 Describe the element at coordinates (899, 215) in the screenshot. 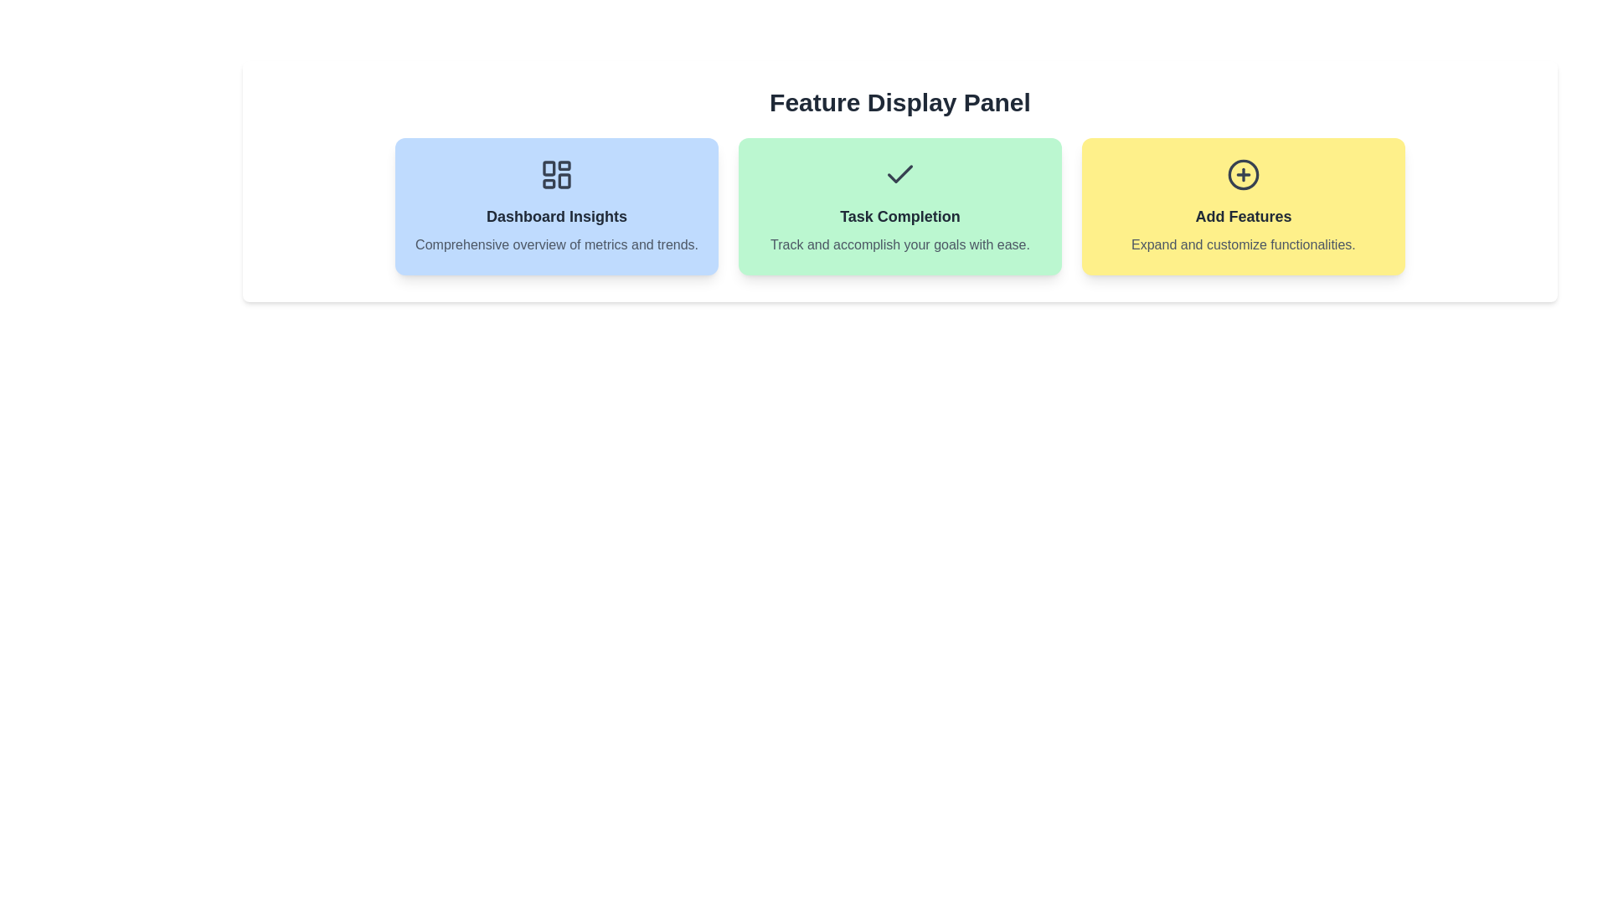

I see `the text label displaying 'Task Completion' which is bold and dark gray against a light green background, located in the middle section of its card` at that location.